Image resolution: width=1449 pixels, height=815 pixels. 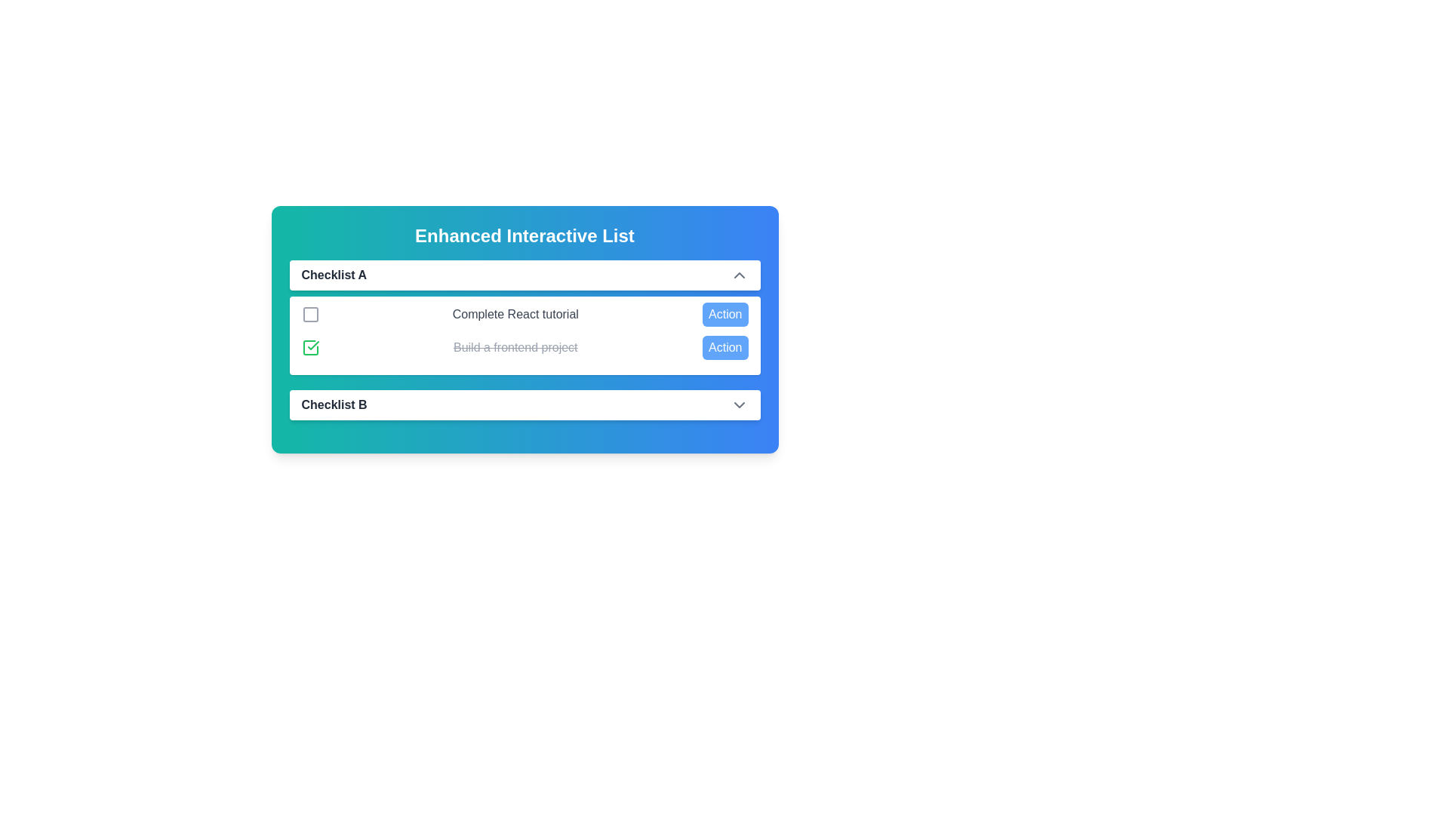 What do you see at coordinates (525, 340) in the screenshot?
I see `the checkbox in the structured list under the 'Enhanced Interactive List' heading` at bounding box center [525, 340].